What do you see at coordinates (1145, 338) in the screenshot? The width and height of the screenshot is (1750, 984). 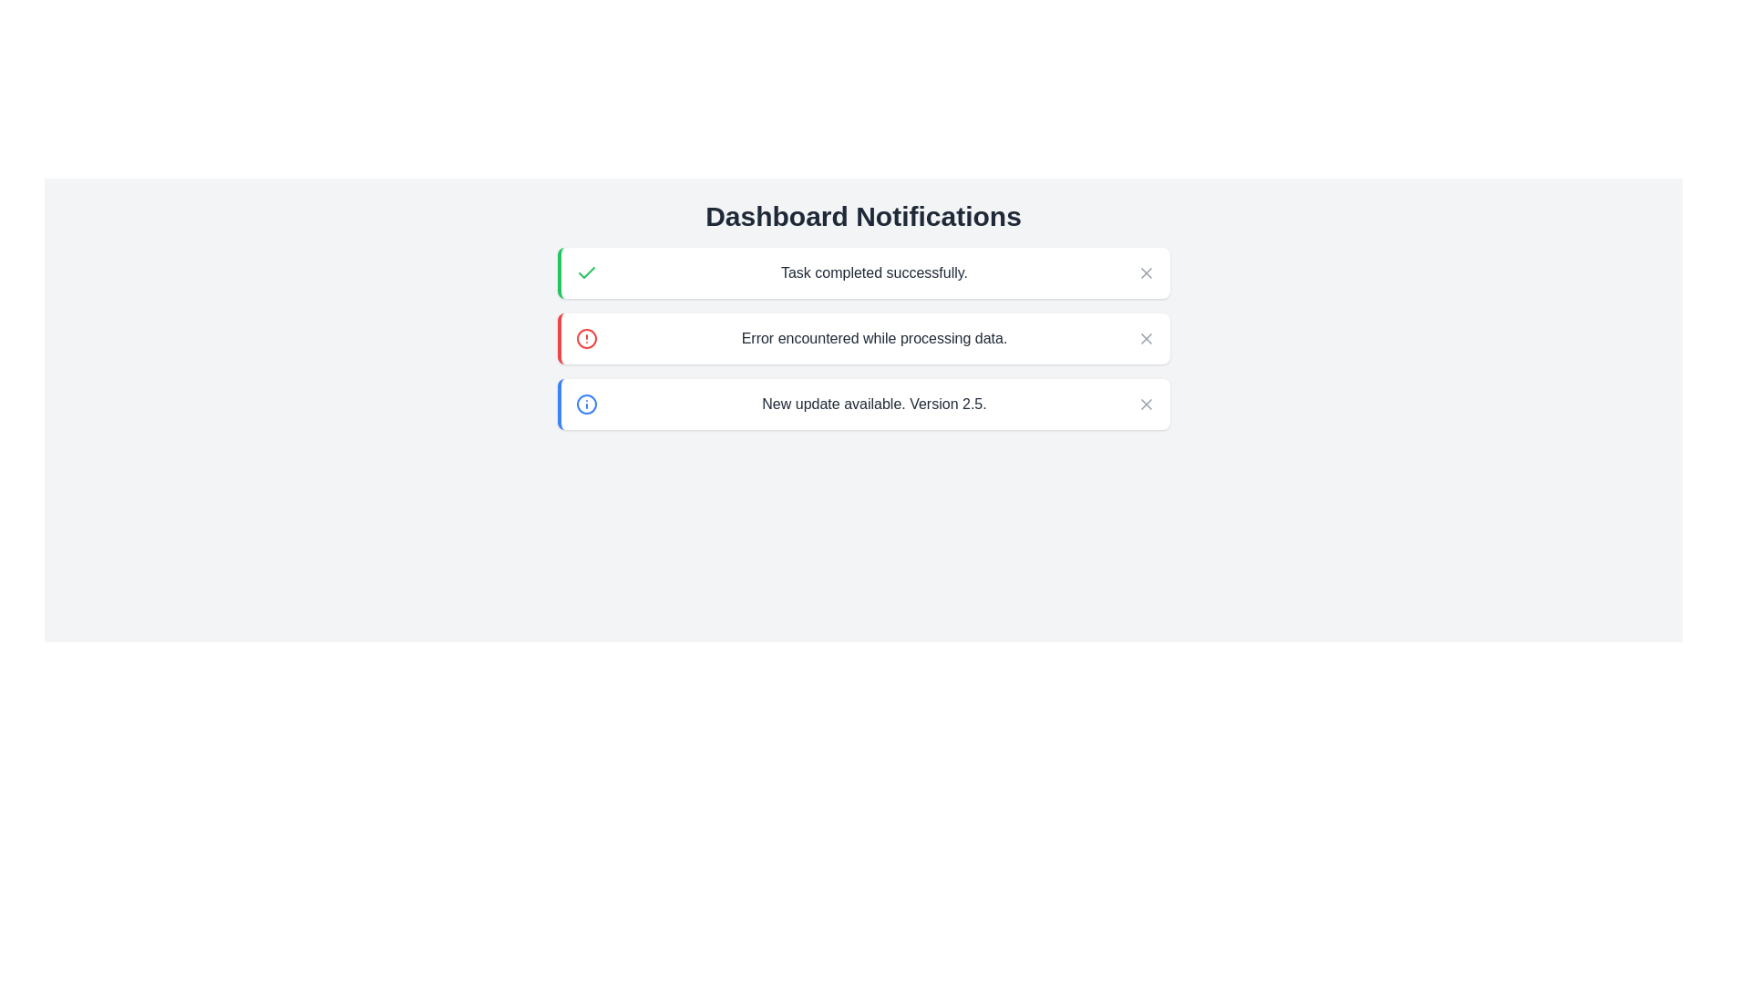 I see `the close button located at the top-right corner of the notification labeled 'Error encountered while processing data'` at bounding box center [1145, 338].